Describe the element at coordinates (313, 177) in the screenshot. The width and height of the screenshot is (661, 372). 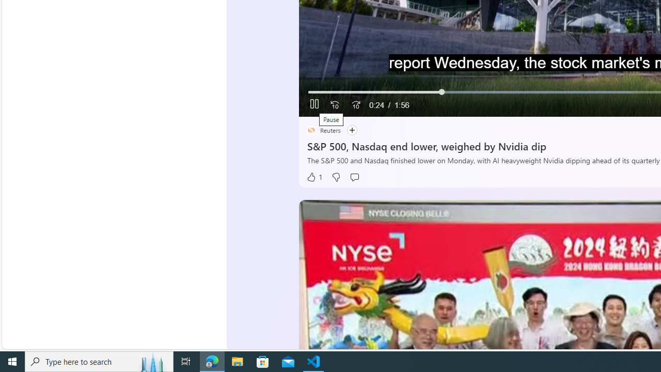
I see `'1 Like'` at that location.